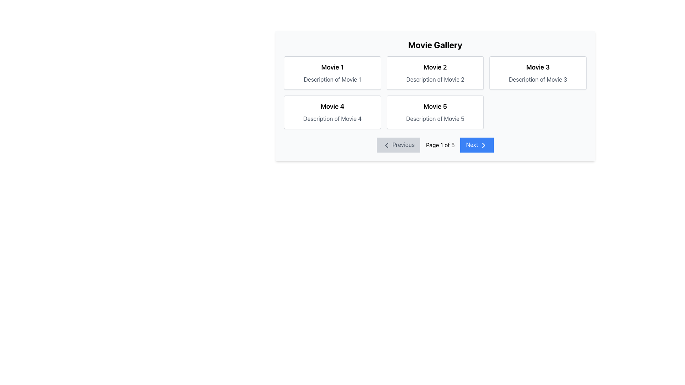 Image resolution: width=685 pixels, height=385 pixels. Describe the element at coordinates (332, 107) in the screenshot. I see `the text label or heading that displays 'Movie 4', which is styled in bold and slightly larger font, located in the second row, first column of the grid layout` at that location.